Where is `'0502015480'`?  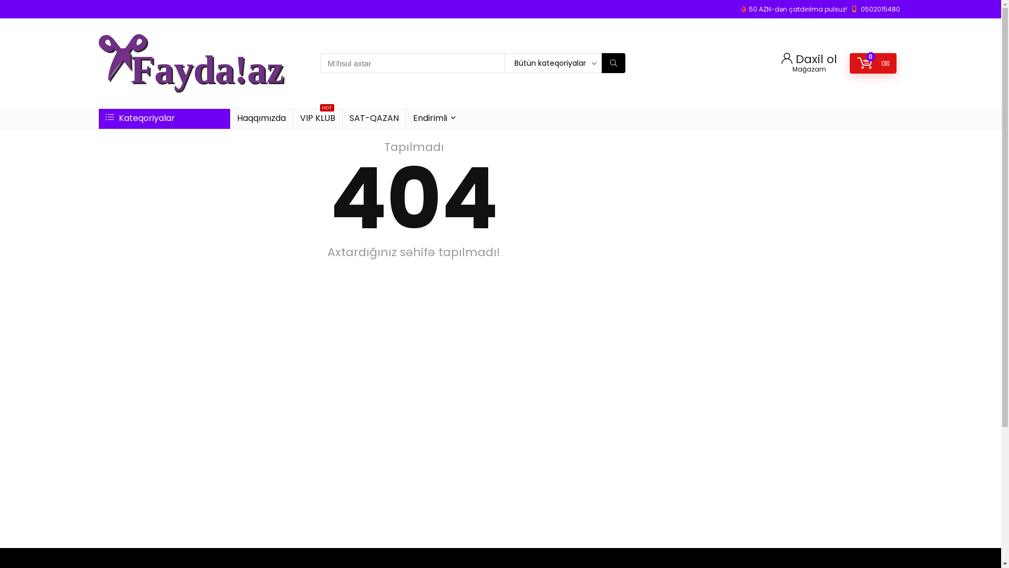
'0502015480' is located at coordinates (880, 9).